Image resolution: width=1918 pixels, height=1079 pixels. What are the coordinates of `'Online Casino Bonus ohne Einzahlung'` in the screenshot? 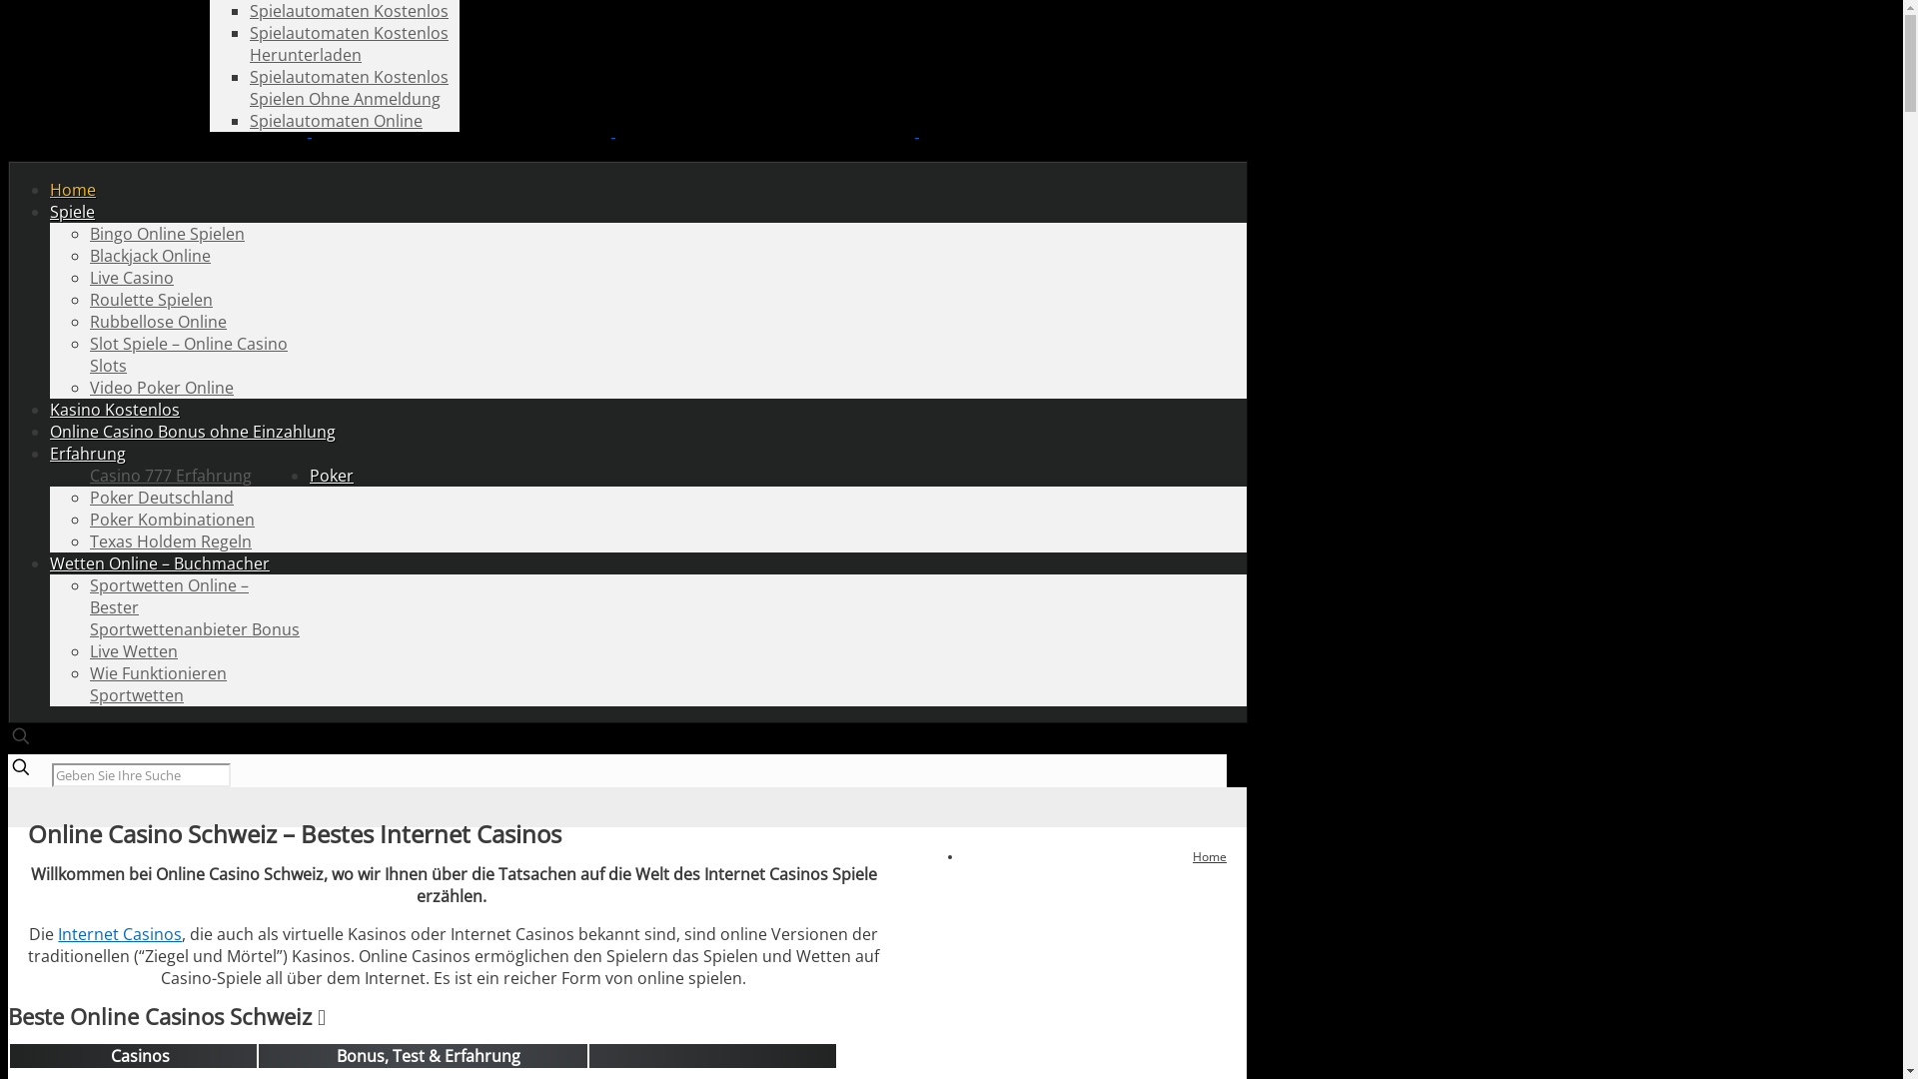 It's located at (192, 431).